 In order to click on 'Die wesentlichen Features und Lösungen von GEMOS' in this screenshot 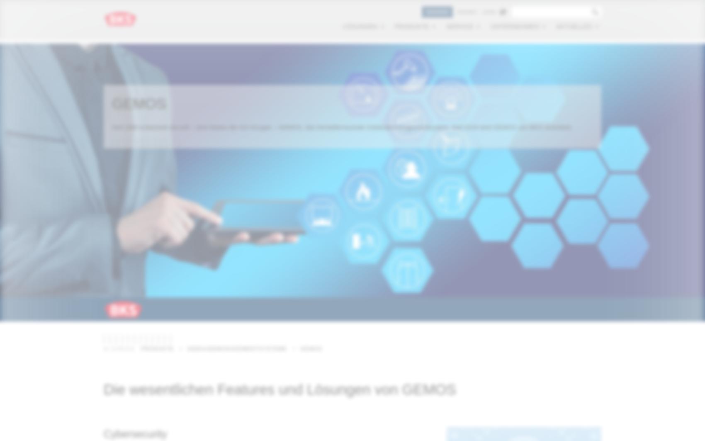, I will do `click(280, 389)`.